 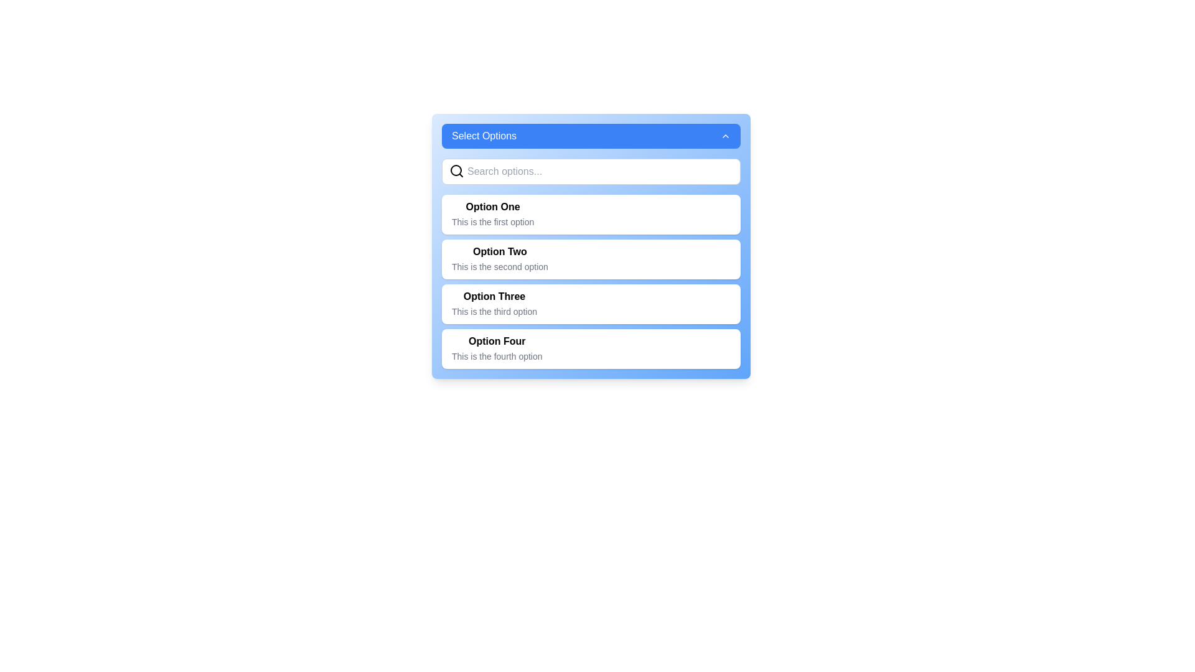 What do you see at coordinates (500, 252) in the screenshot?
I see `the text label for 'Option Two', which serves as the title for the second option in a selectable list` at bounding box center [500, 252].